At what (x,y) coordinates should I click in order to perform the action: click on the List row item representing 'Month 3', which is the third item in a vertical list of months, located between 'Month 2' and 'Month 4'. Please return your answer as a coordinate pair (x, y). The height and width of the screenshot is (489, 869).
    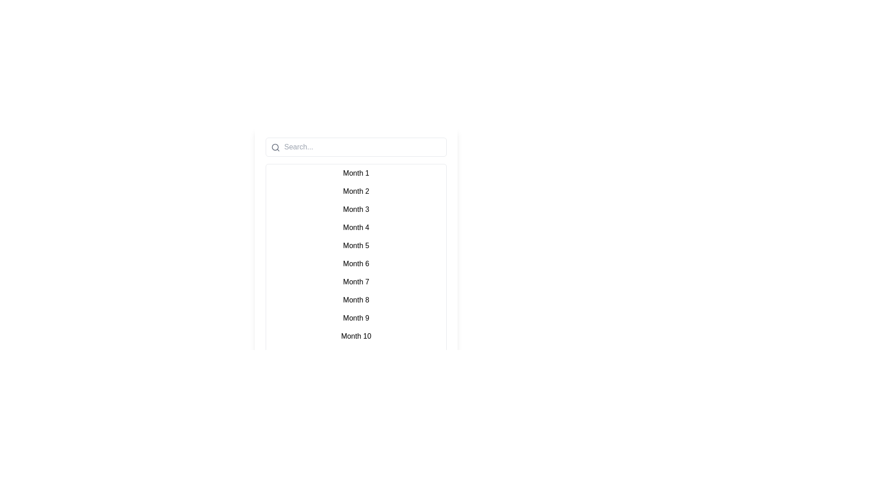
    Looking at the image, I should click on (356, 209).